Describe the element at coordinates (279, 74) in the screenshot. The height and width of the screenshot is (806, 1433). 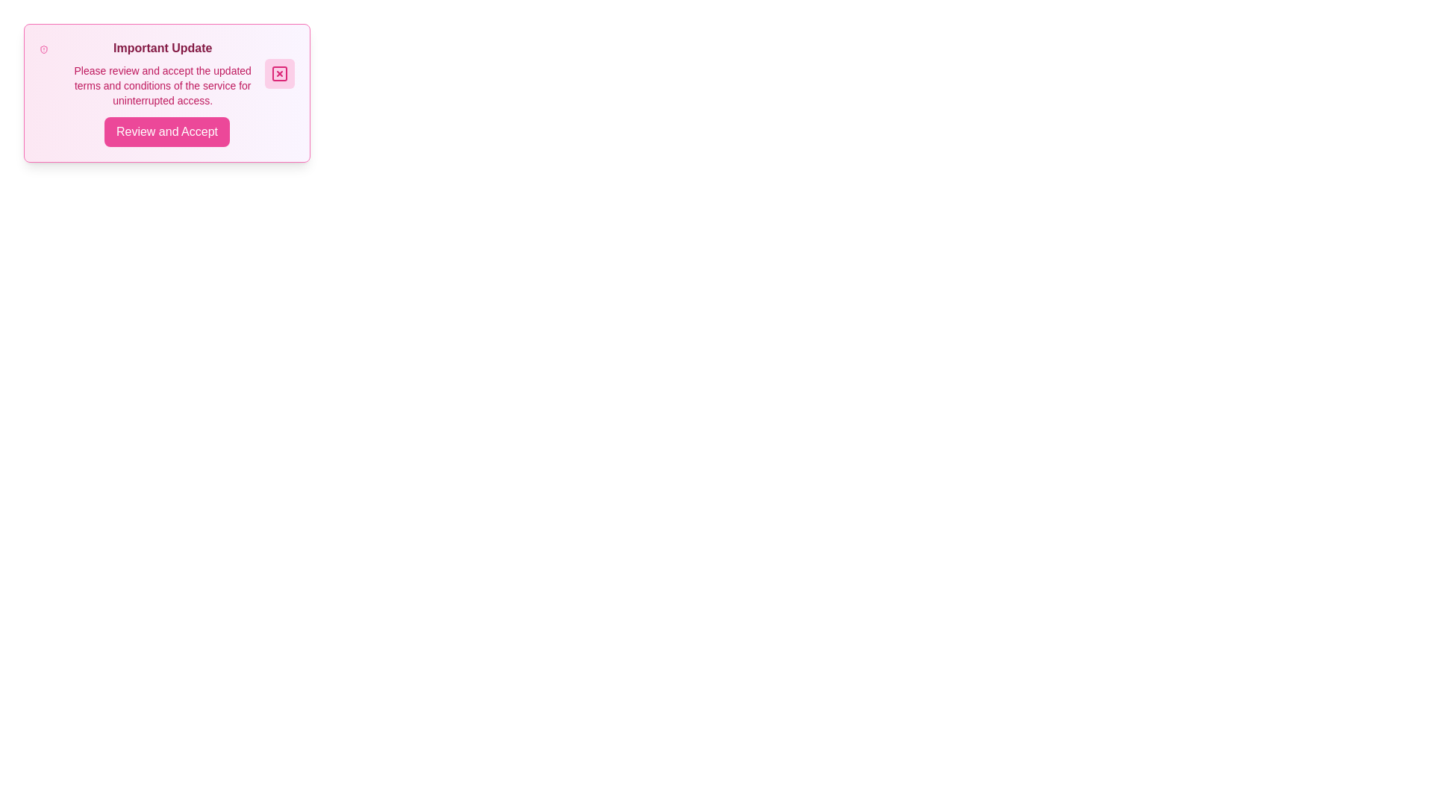
I see `the small pink button with rounded corners that contains an 'X' icon, located at the top-right corner of the notification box` at that location.